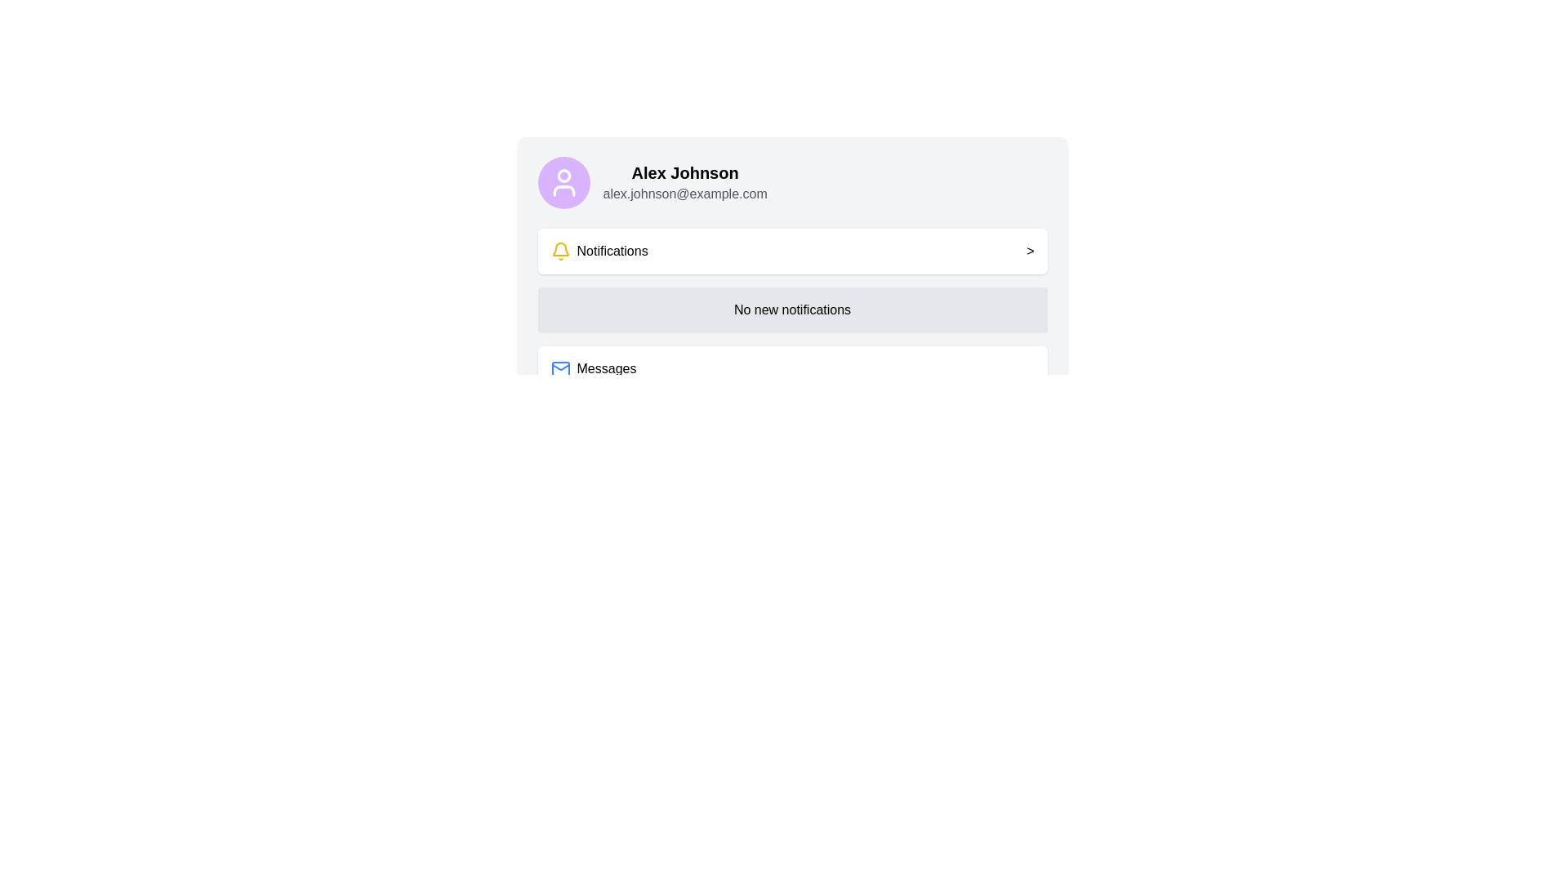  Describe the element at coordinates (792, 303) in the screenshot. I see `the label with the text 'No new notifications', which is styled as a button with rounded corners and has a light gray background` at that location.